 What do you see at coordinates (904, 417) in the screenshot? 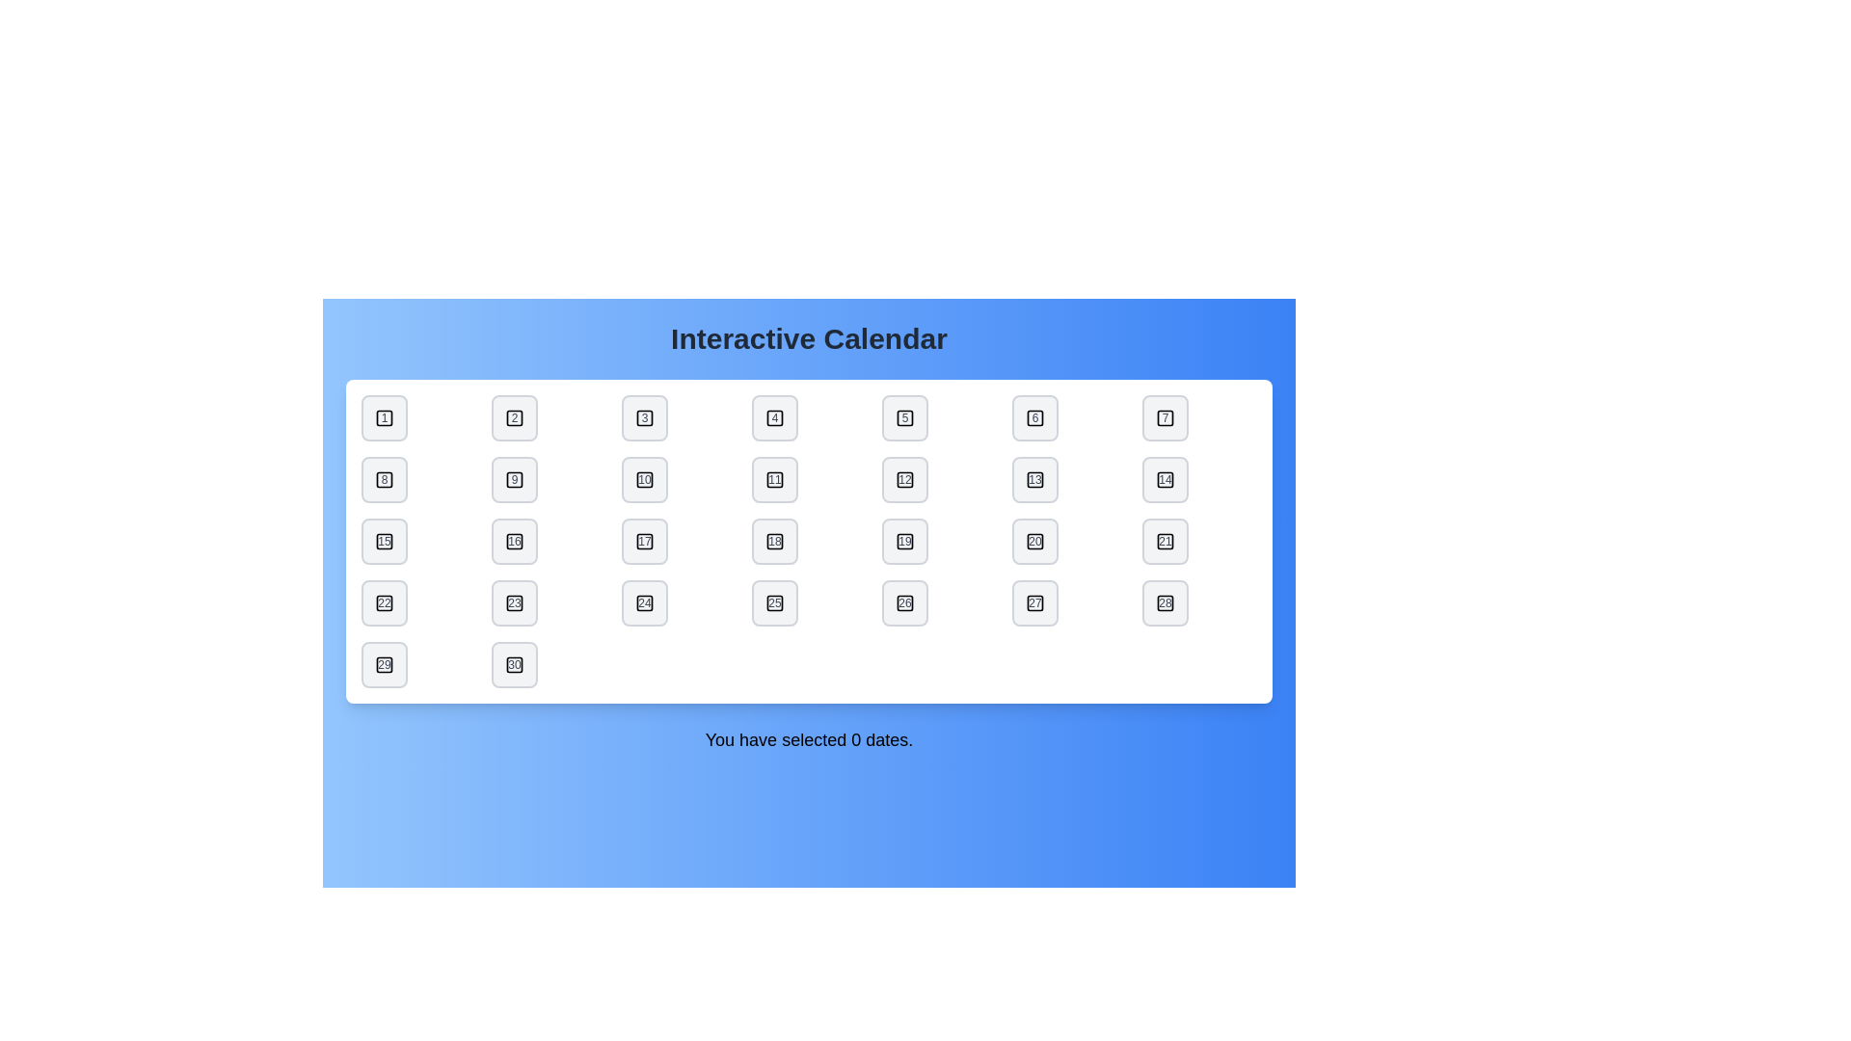
I see `the date button labeled 5 to toggle its selection state` at bounding box center [904, 417].